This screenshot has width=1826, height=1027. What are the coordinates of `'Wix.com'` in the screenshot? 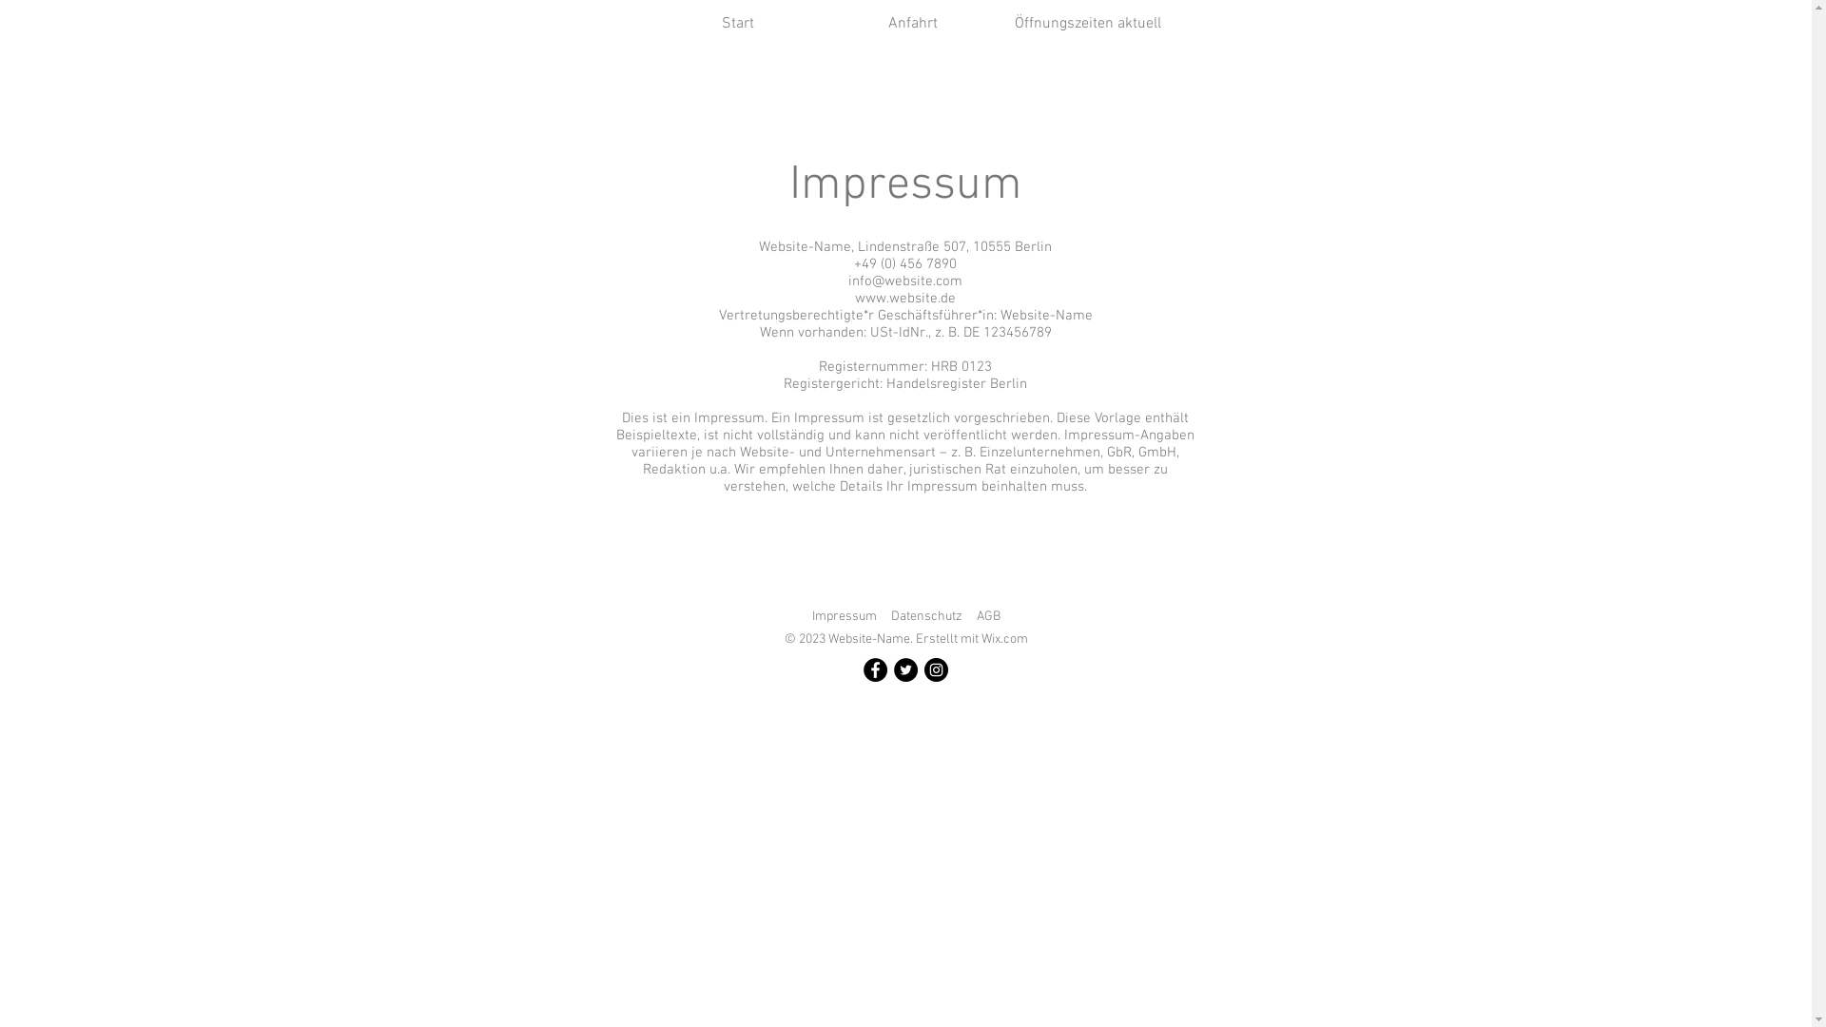 It's located at (1003, 639).